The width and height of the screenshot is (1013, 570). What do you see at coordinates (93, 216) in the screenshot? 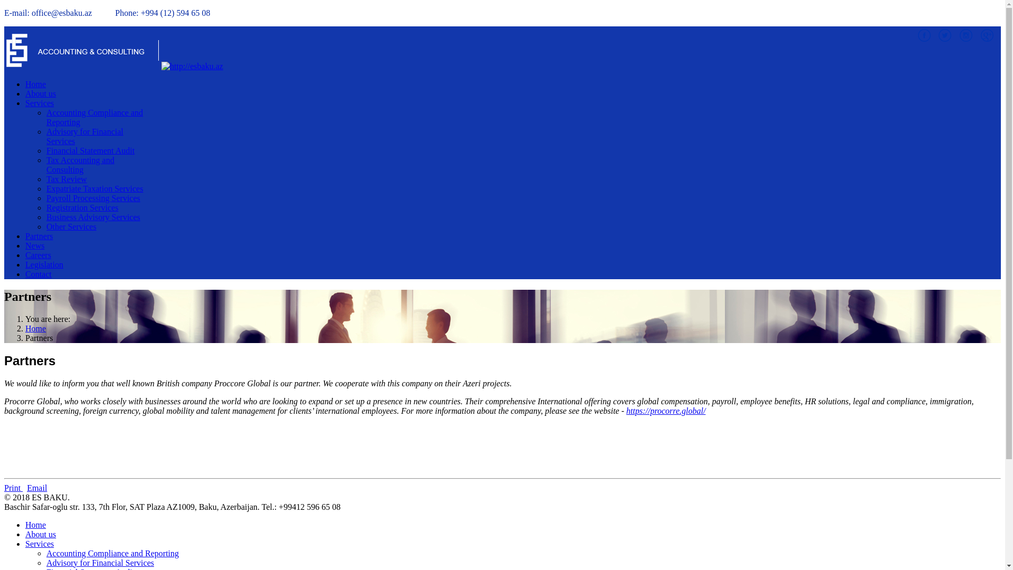
I see `'Business Advisory Services'` at bounding box center [93, 216].